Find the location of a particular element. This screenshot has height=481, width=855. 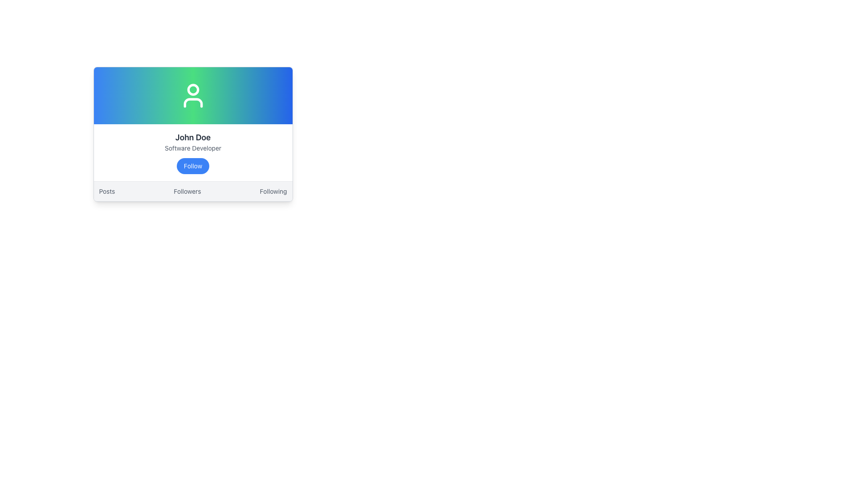

the follow button located below the 'Software Developer' text in the profile card for 'John Doe' to change its background color is located at coordinates (192, 166).